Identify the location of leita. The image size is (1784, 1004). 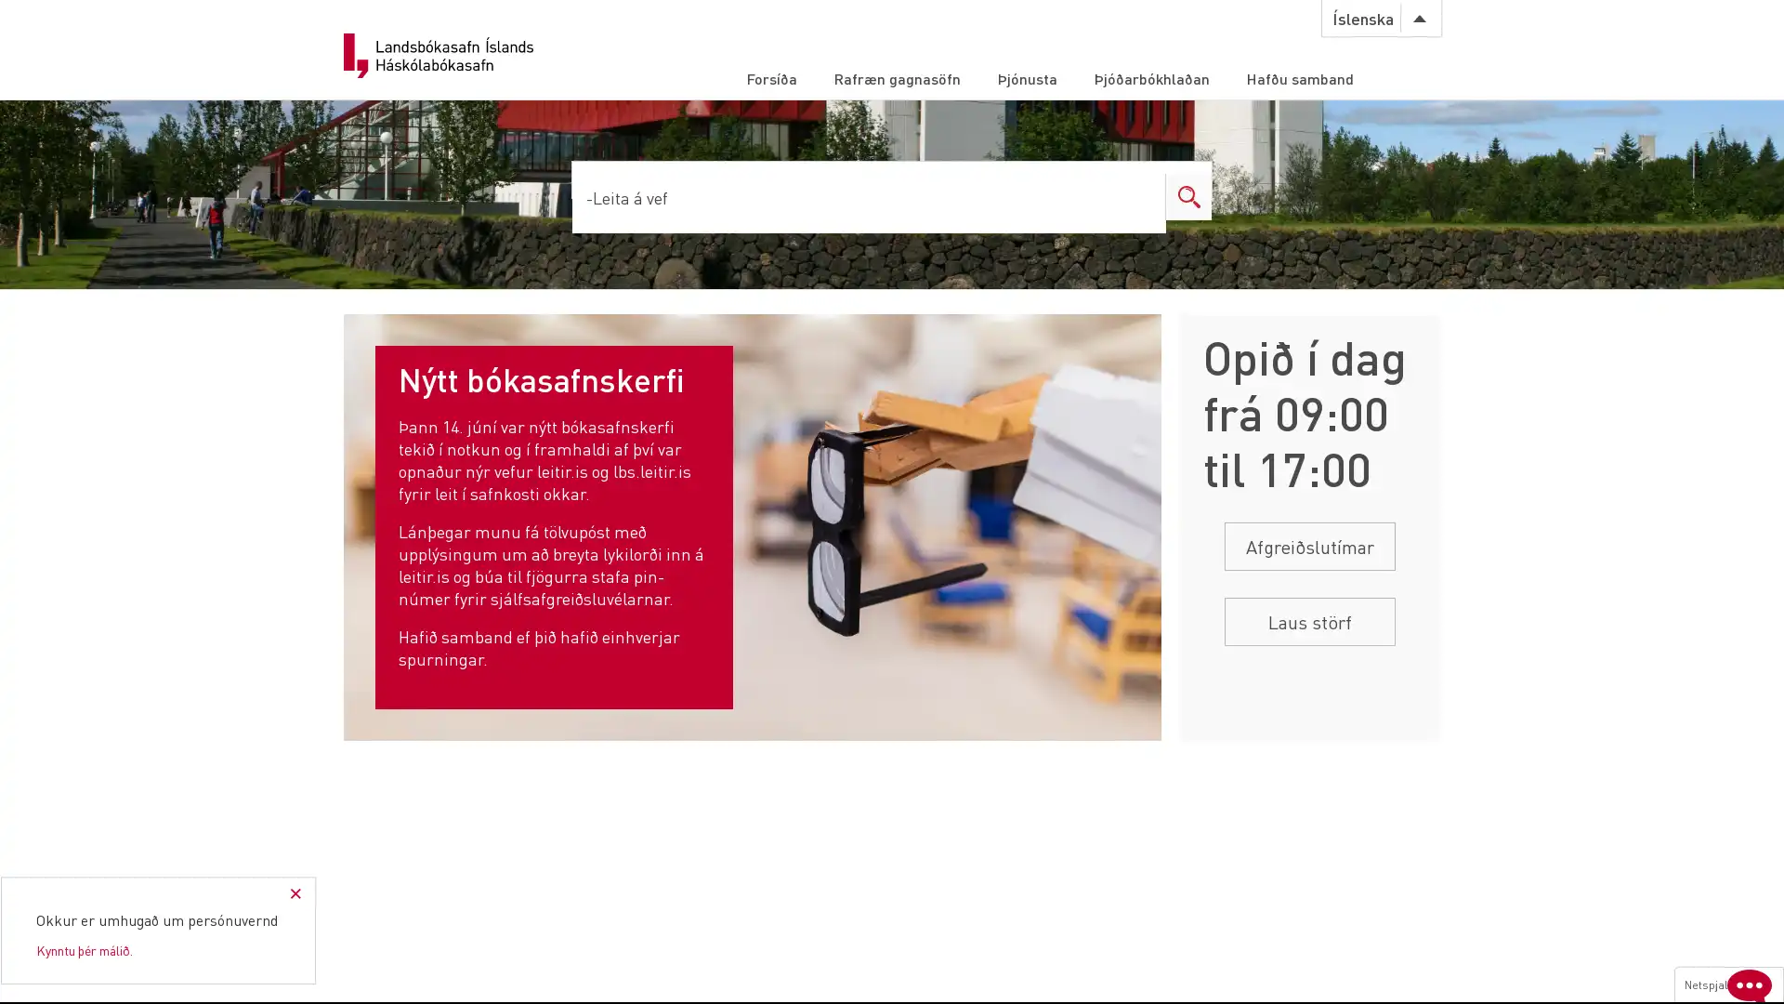
(1139, 196).